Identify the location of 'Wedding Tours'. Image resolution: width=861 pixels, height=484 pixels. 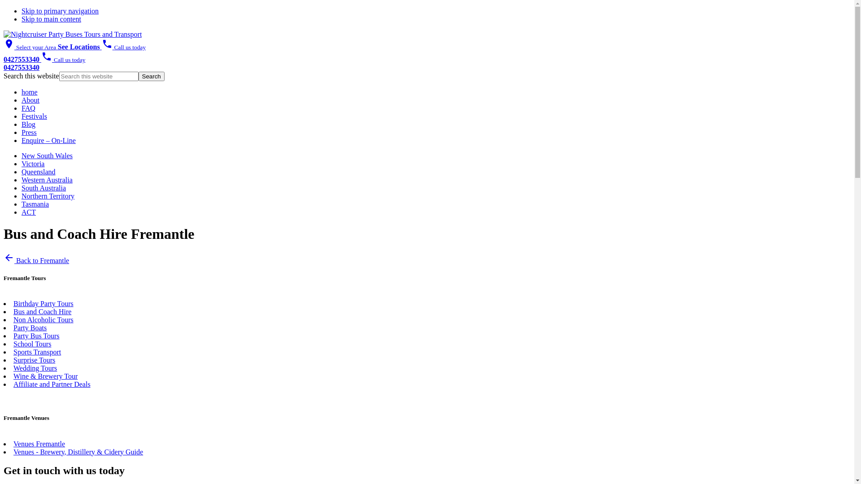
(35, 368).